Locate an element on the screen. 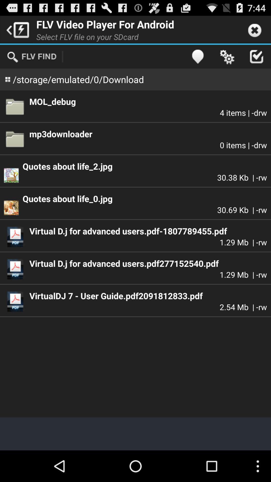  the close icon is located at coordinates (254, 31).